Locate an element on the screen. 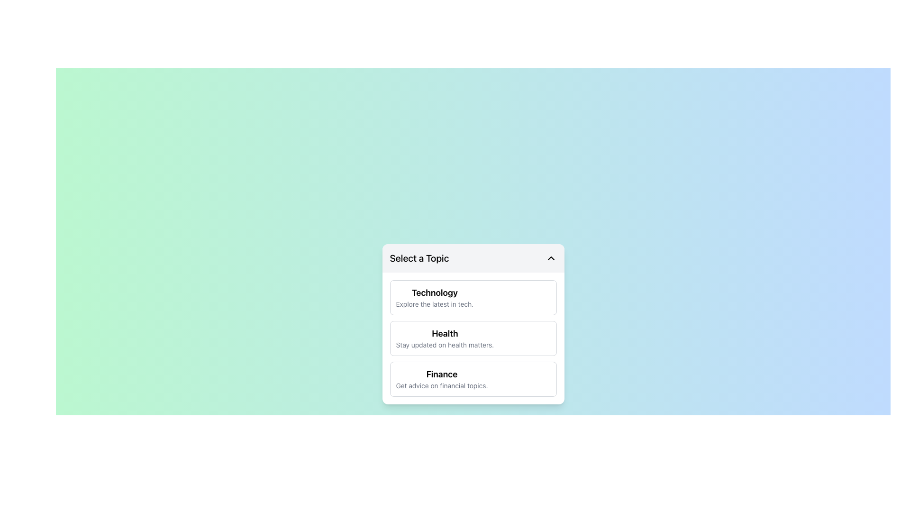 This screenshot has width=910, height=512. the category title 'Finance' is located at coordinates (441, 374).